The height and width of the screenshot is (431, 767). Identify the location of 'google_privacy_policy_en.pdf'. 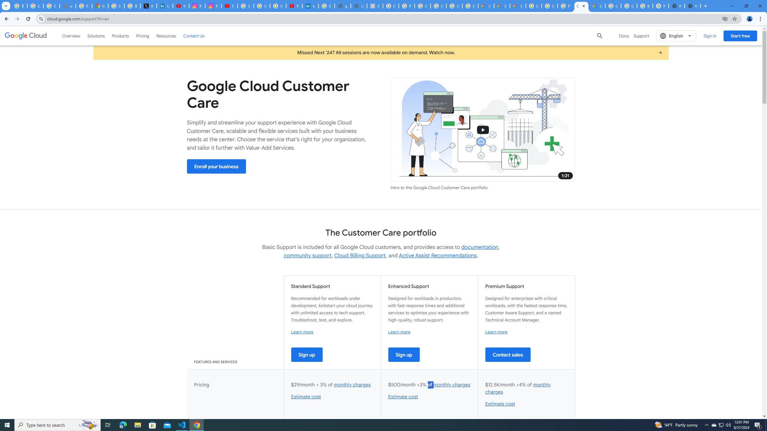
(343, 6).